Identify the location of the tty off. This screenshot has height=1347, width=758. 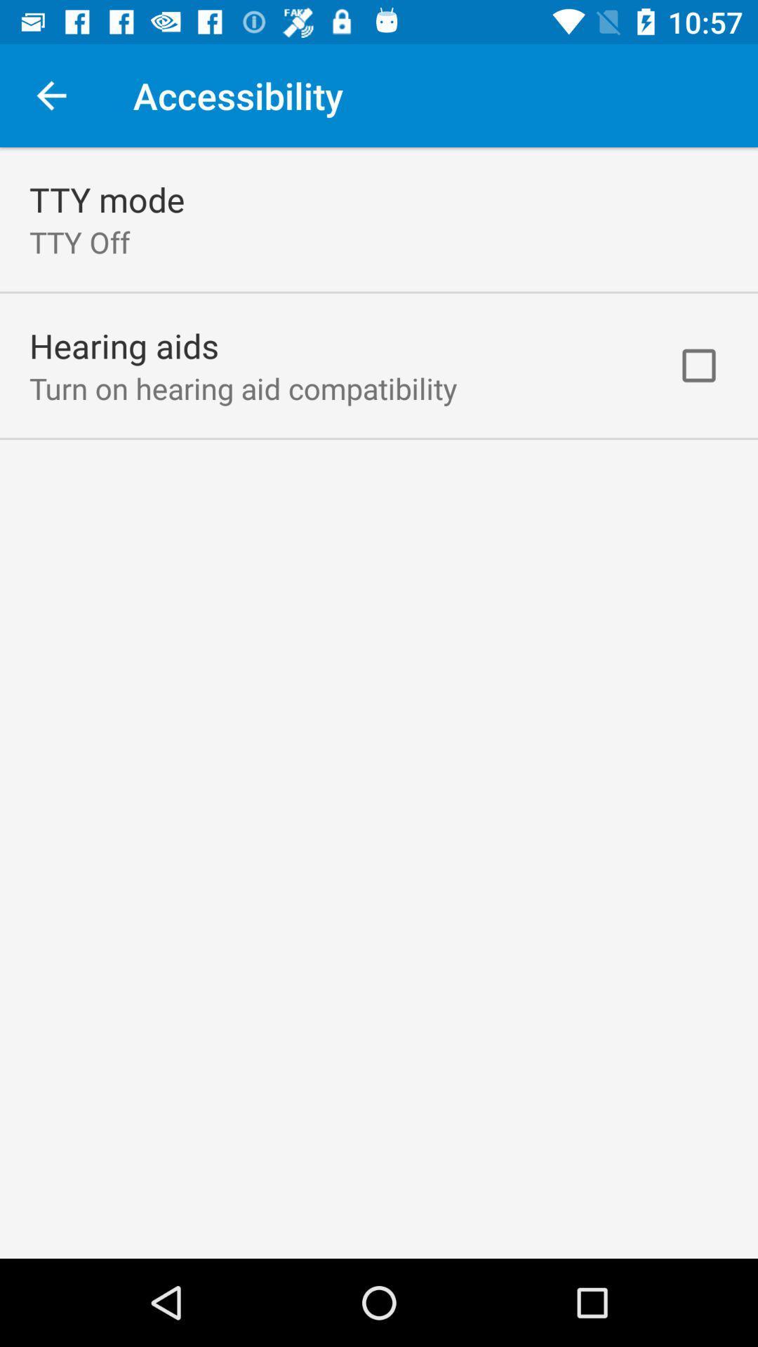
(79, 242).